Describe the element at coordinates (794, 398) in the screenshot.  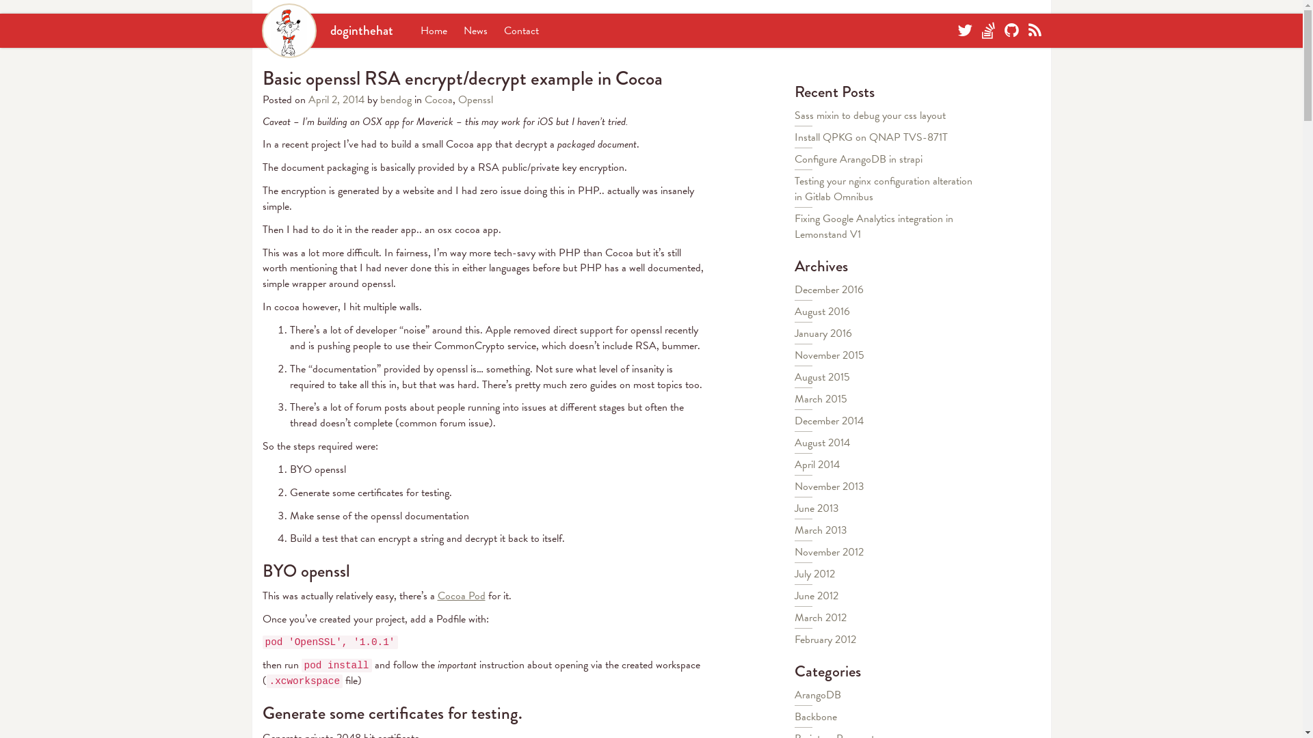
I see `'March 2015'` at that location.